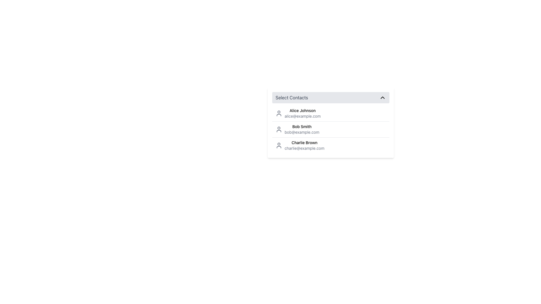 This screenshot has width=541, height=304. What do you see at coordinates (279, 145) in the screenshot?
I see `the user avatar icon that represents the contact 'Charlie Brown', which is styled with a thin outline and is gray in color, positioned to the left of the contact's name and email` at bounding box center [279, 145].